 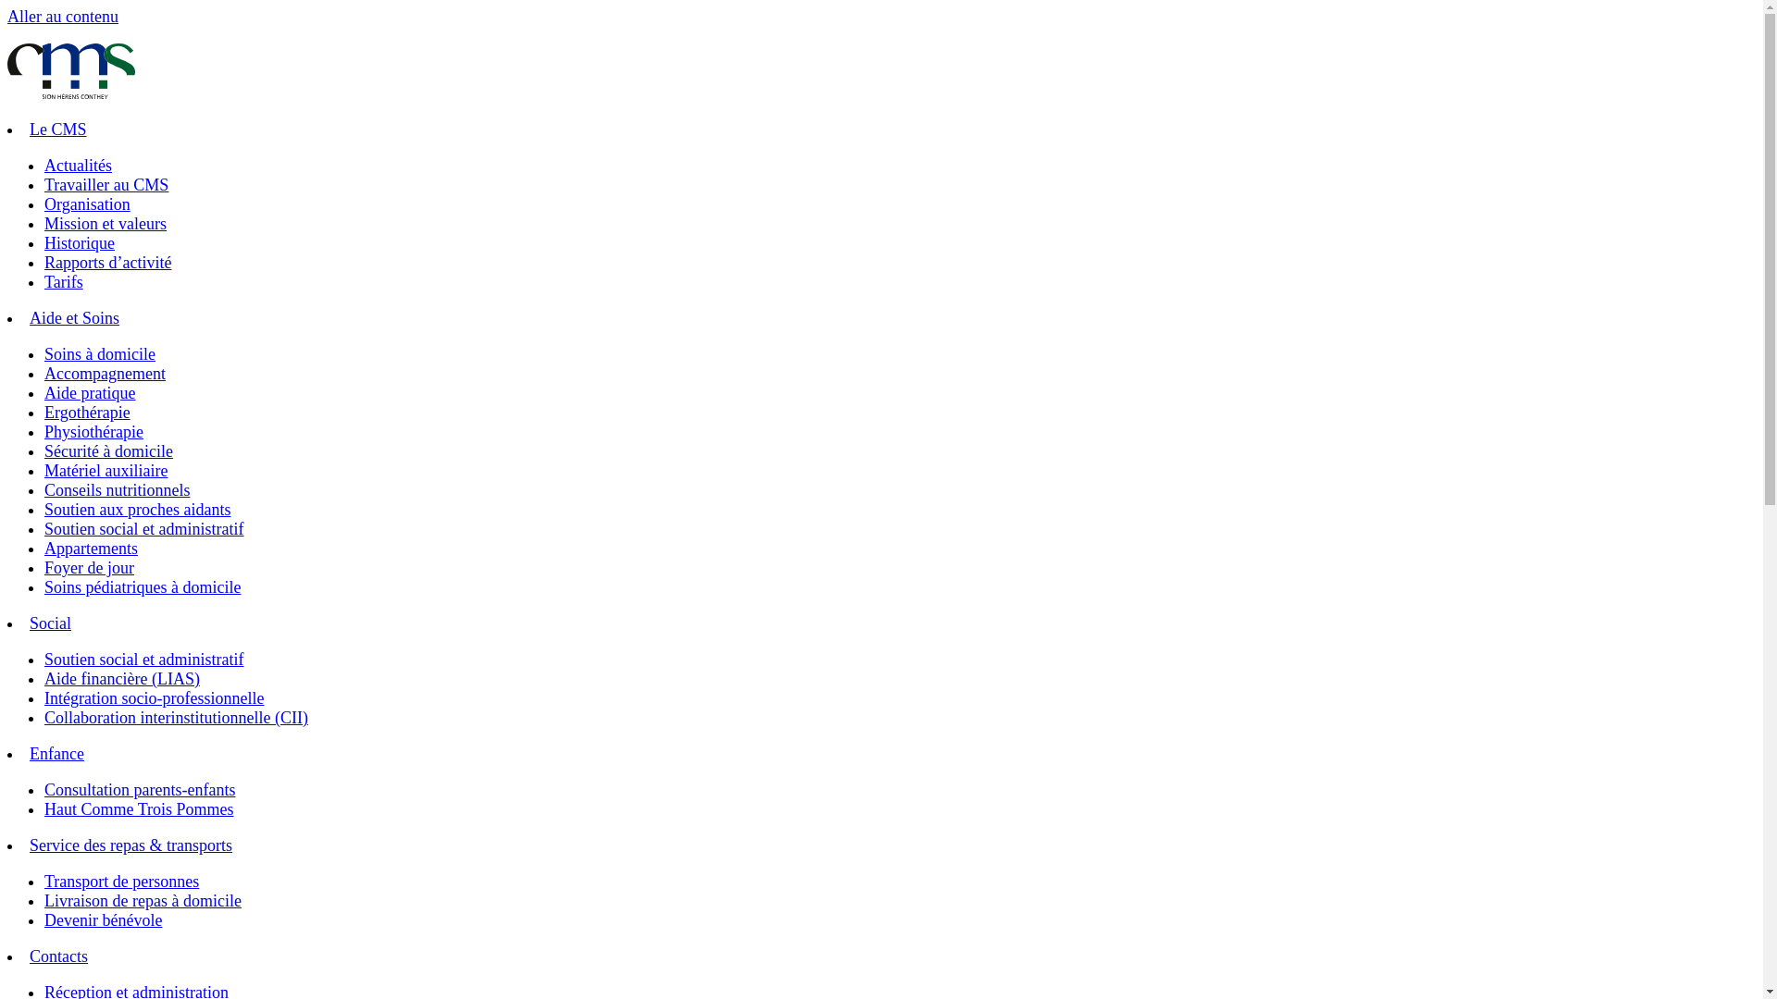 What do you see at coordinates (44, 203) in the screenshot?
I see `'Organisation'` at bounding box center [44, 203].